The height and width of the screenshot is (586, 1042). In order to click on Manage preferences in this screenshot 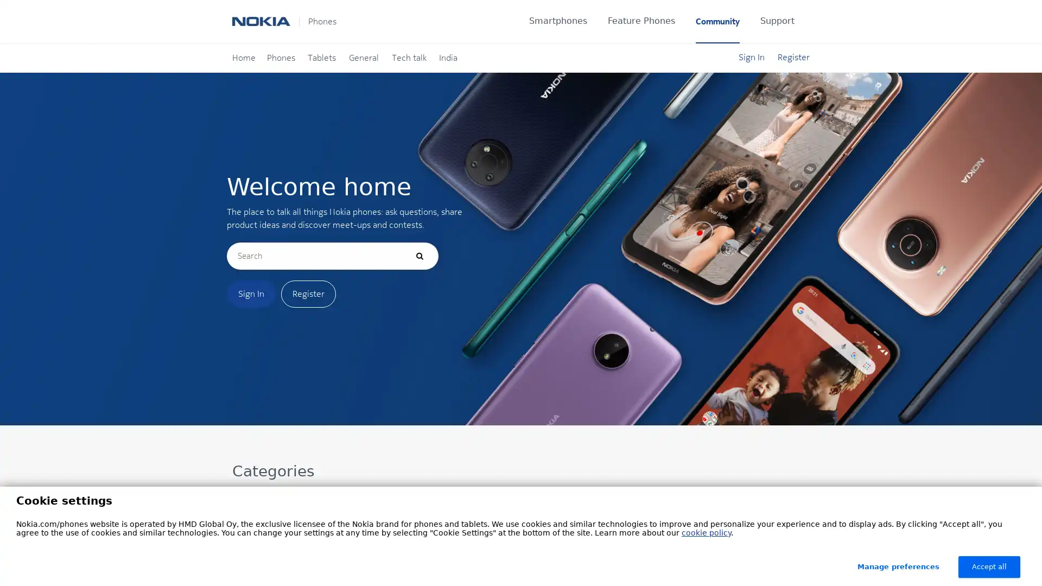, I will do `click(898, 566)`.